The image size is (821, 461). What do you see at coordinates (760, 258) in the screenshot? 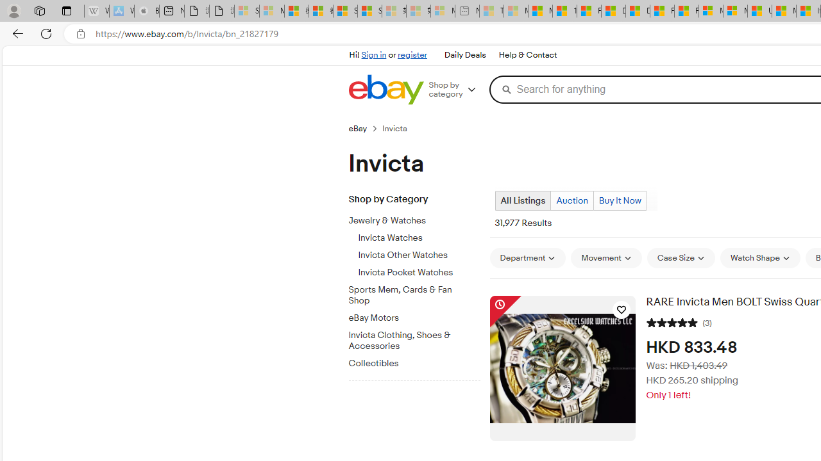
I see `'Watch Shape'` at bounding box center [760, 258].